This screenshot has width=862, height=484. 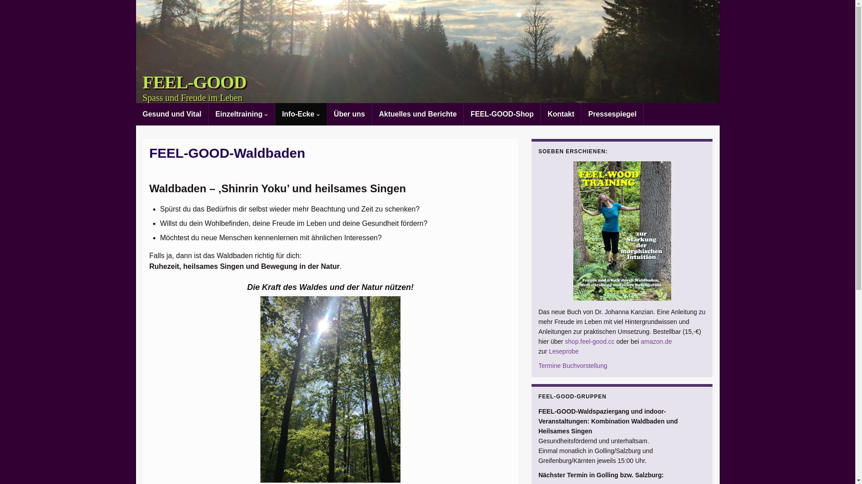 I want to click on 'FEEL-GOOD', so click(x=194, y=82).